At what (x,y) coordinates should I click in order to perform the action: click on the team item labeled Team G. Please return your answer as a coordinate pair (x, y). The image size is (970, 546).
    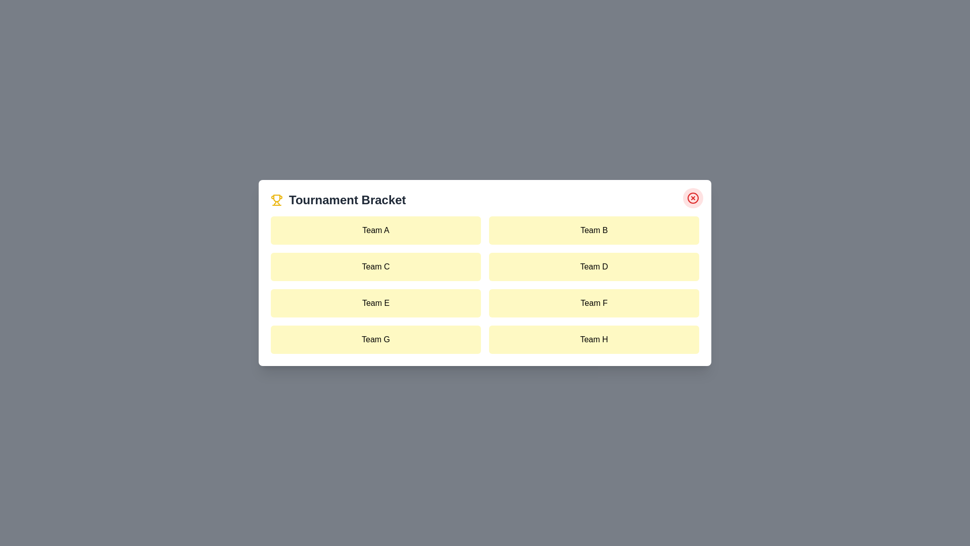
    Looking at the image, I should click on (375, 339).